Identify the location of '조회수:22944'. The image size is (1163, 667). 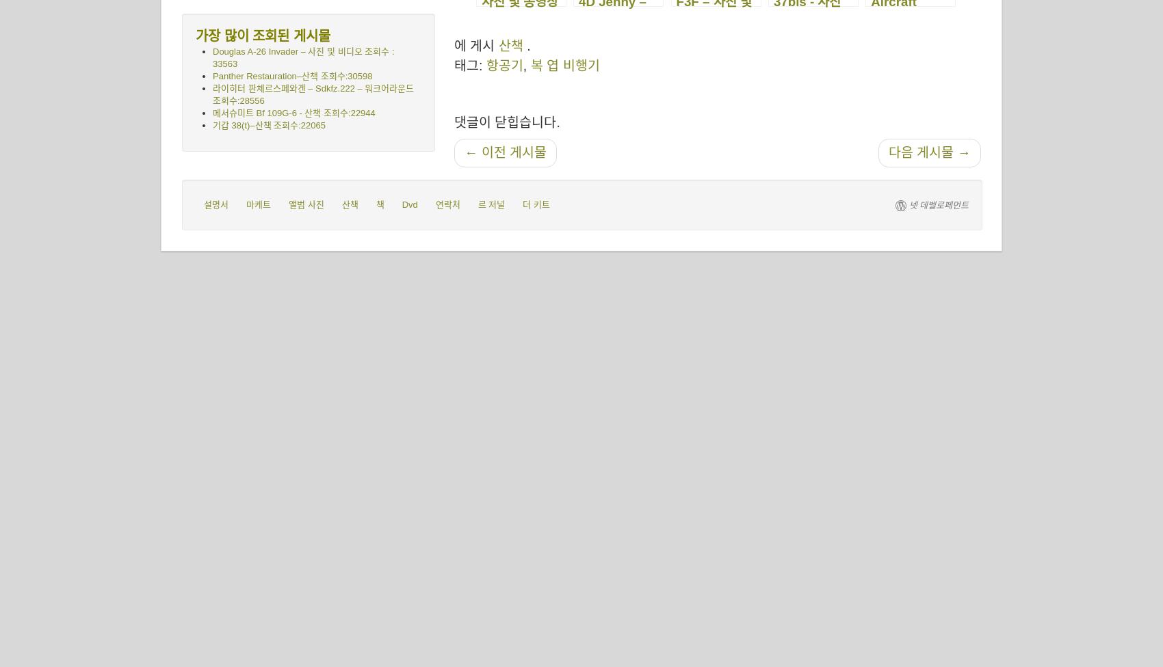
(349, 112).